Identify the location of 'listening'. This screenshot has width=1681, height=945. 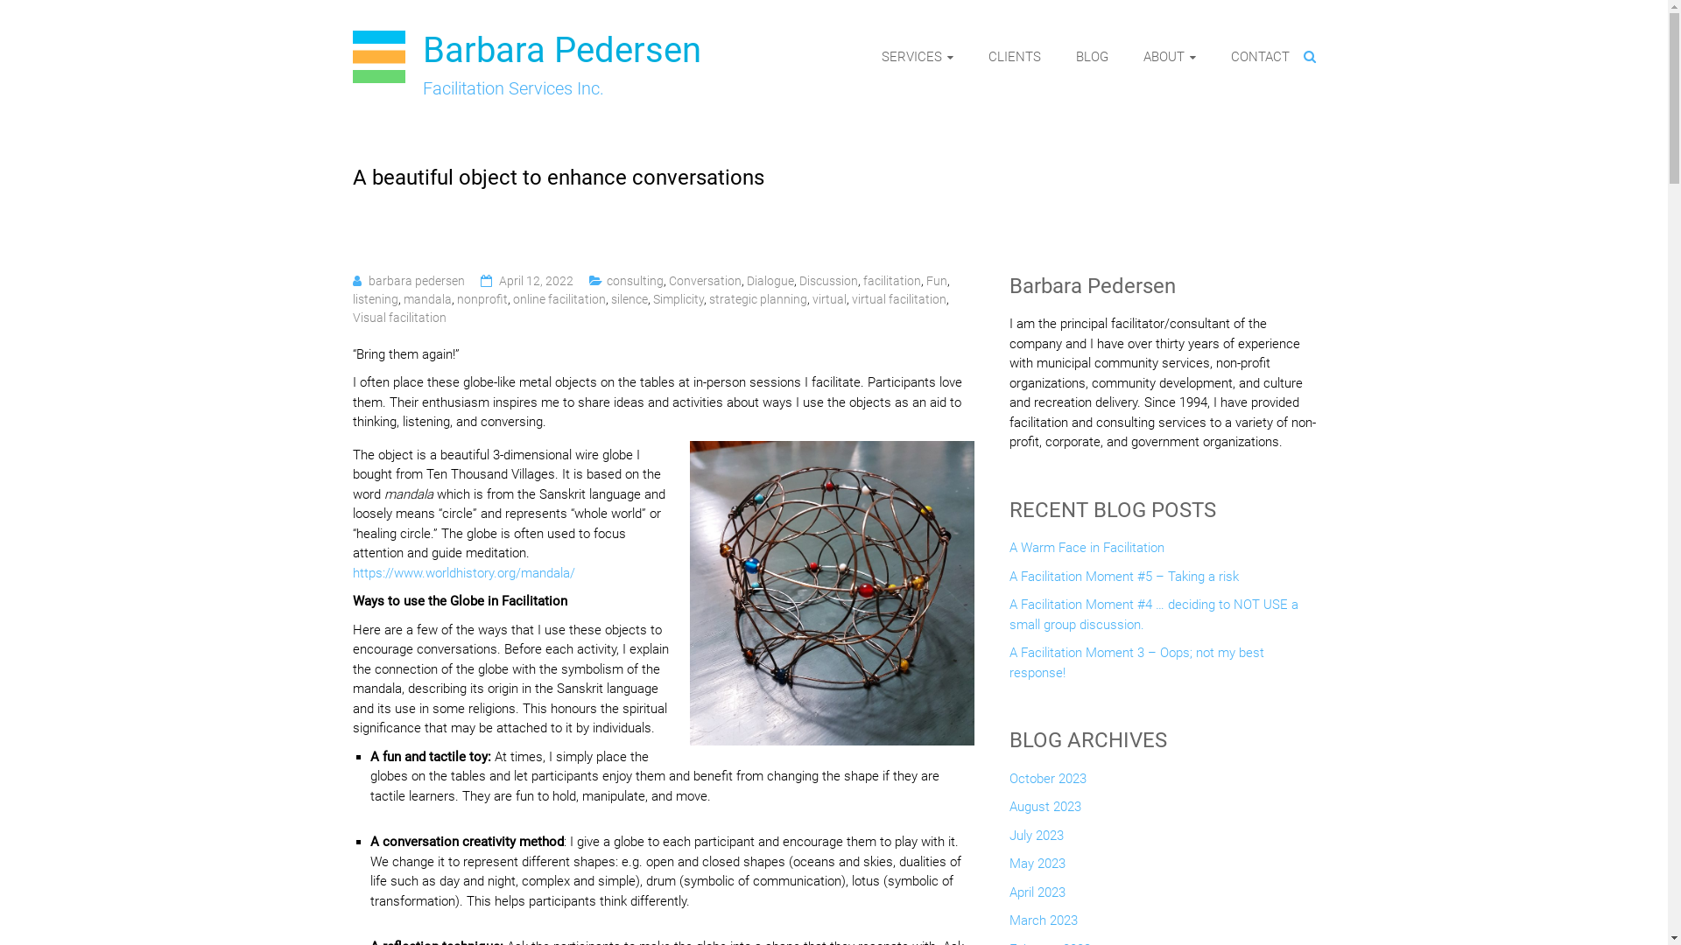
(351, 298).